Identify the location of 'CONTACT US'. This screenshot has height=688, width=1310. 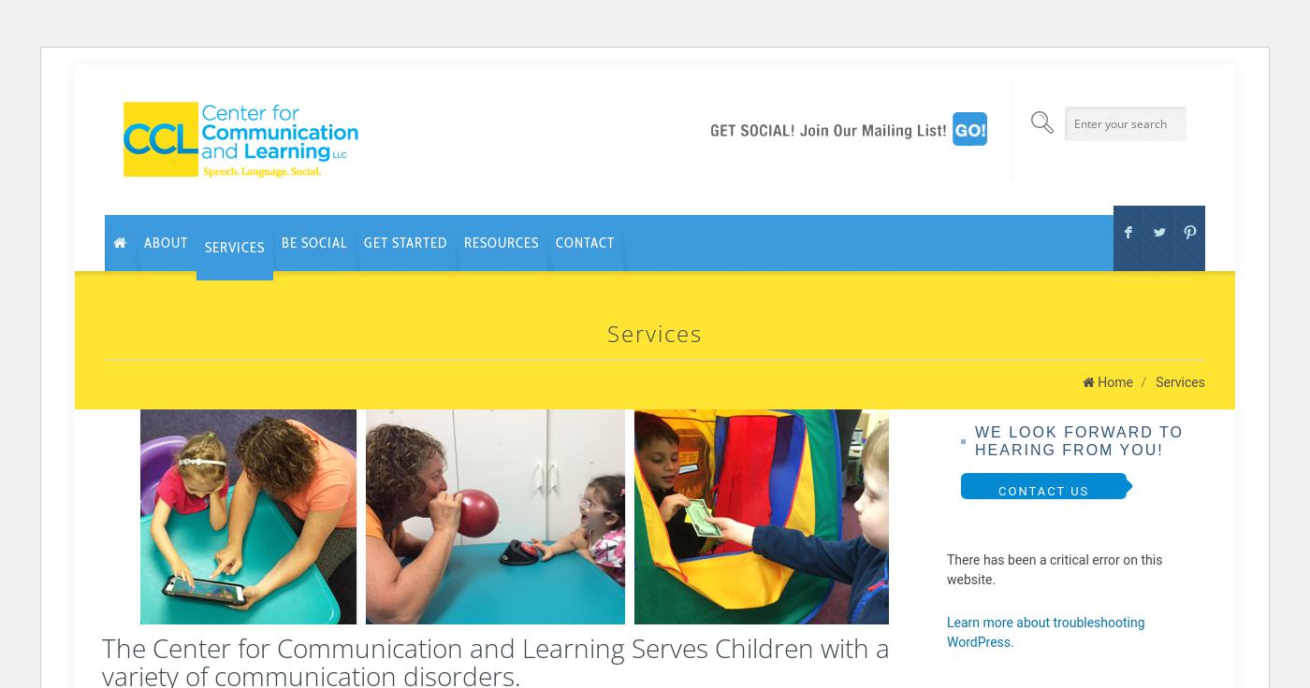
(1043, 491).